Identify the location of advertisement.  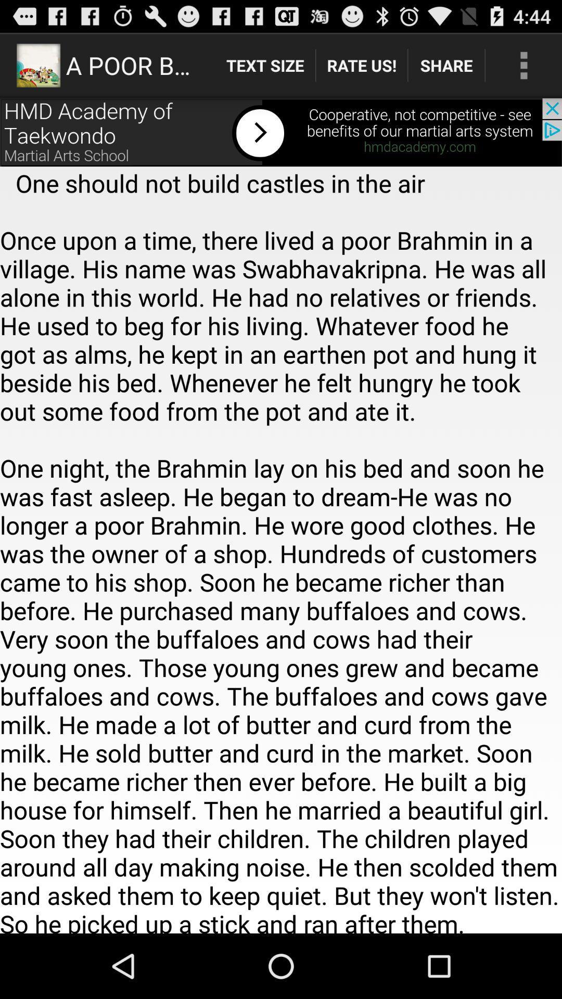
(281, 132).